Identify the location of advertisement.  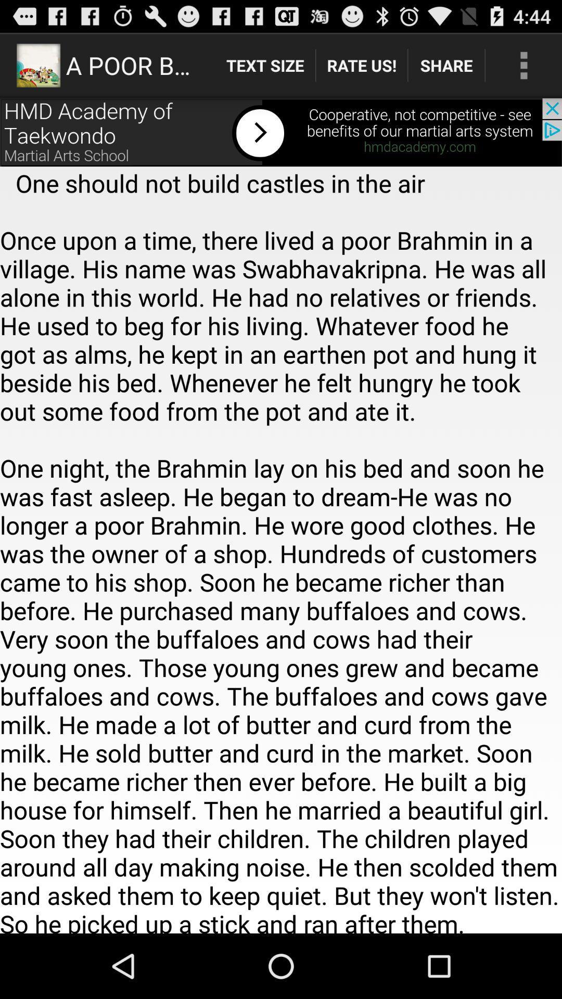
(281, 132).